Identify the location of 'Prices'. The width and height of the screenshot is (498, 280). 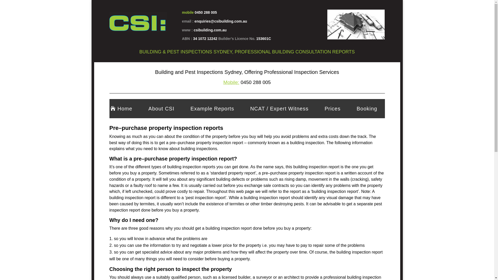
(332, 108).